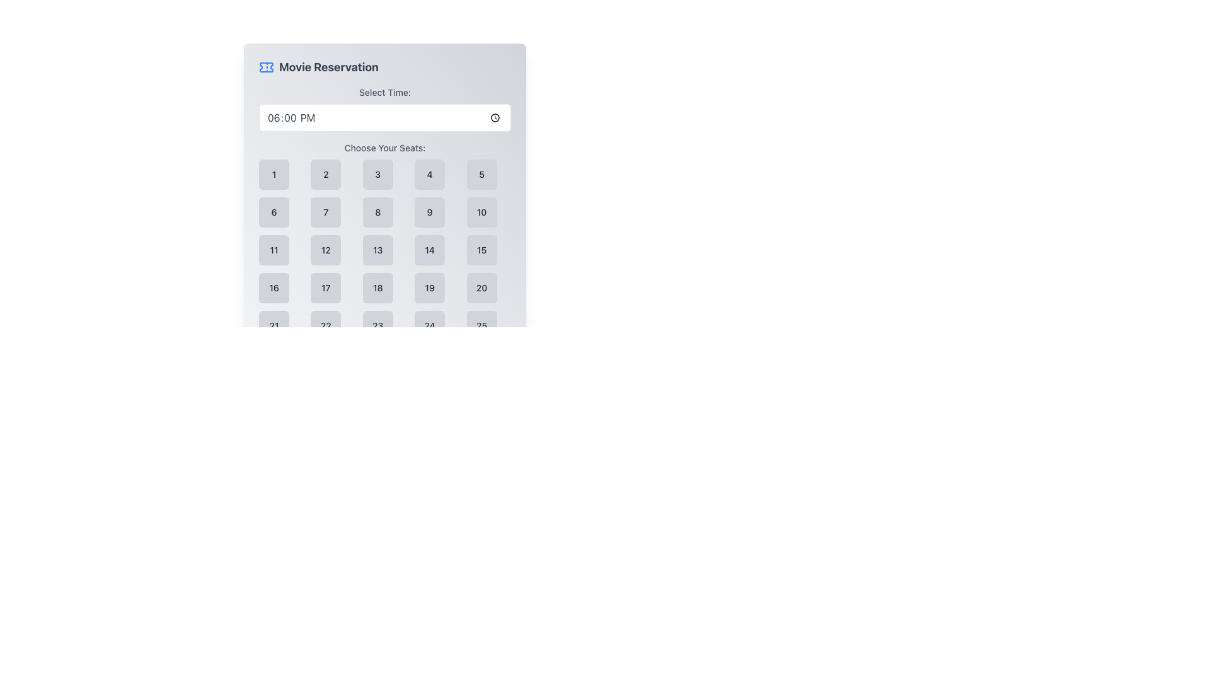 Image resolution: width=1210 pixels, height=681 pixels. Describe the element at coordinates (430, 325) in the screenshot. I see `the square button labeled '24' with a gray background and rounded corners` at that location.